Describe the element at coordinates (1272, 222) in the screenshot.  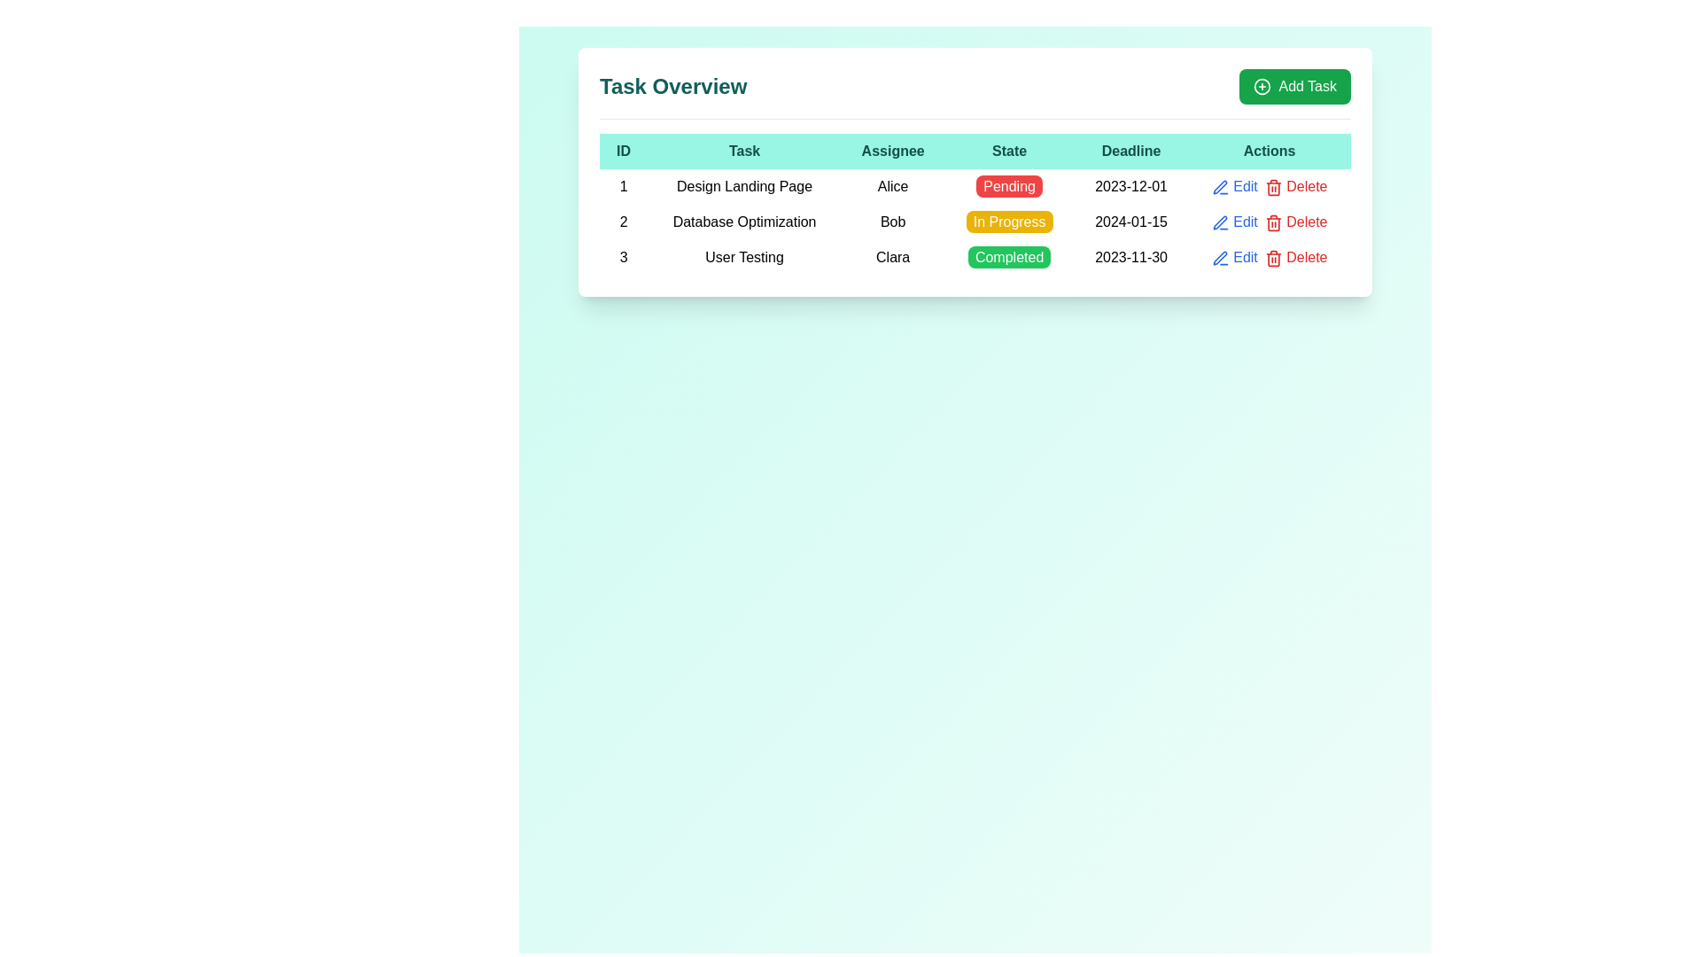
I see `the trash bin icon button located in the 'Actions' column of the second row of the table` at that location.